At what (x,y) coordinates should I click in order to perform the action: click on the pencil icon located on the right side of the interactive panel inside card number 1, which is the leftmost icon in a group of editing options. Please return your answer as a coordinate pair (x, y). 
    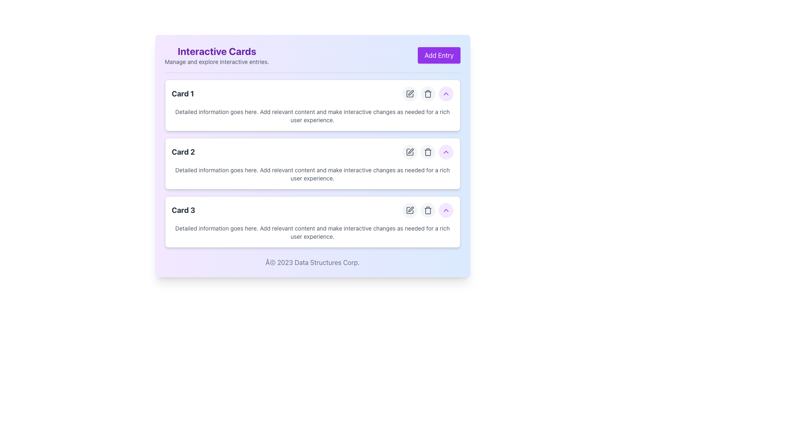
    Looking at the image, I should click on (411, 92).